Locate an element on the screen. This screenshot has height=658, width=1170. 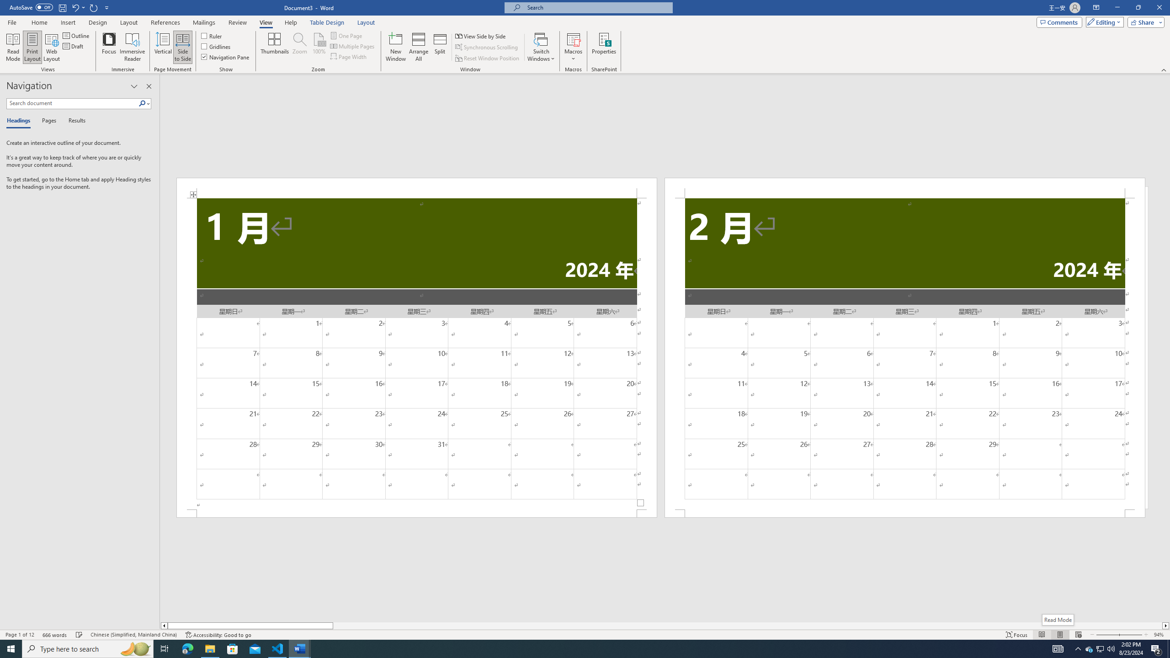
'Immersive Reader' is located at coordinates (132, 47).